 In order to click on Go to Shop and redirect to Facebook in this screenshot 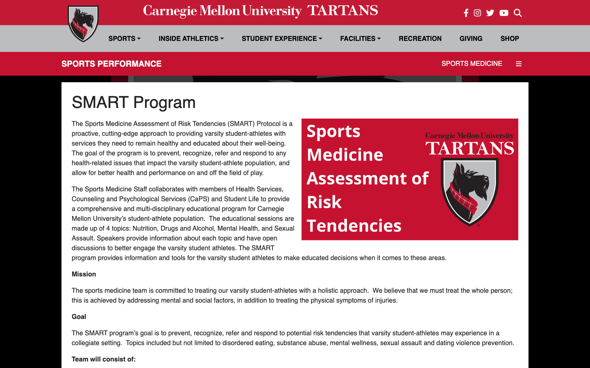, I will do `click(509, 38)`.